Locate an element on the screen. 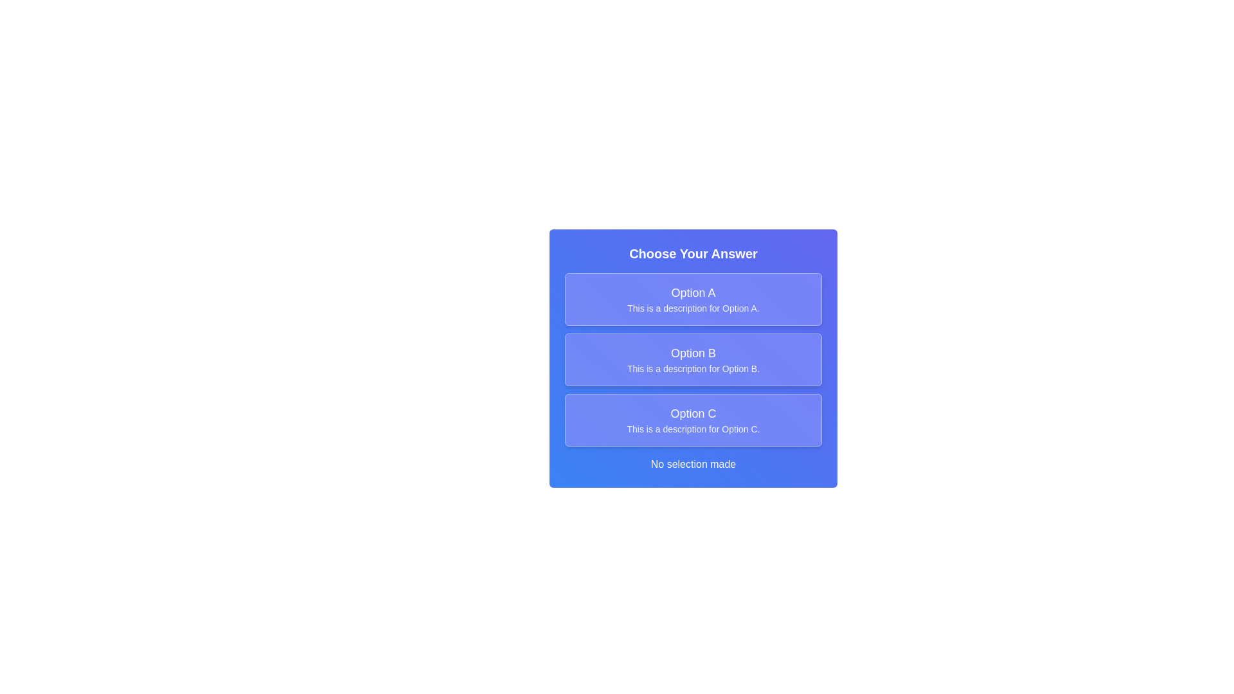 The image size is (1234, 694). the text label that serves as the main identifier for the selectable option, positioned above the description for 'Option B' is located at coordinates (693, 353).